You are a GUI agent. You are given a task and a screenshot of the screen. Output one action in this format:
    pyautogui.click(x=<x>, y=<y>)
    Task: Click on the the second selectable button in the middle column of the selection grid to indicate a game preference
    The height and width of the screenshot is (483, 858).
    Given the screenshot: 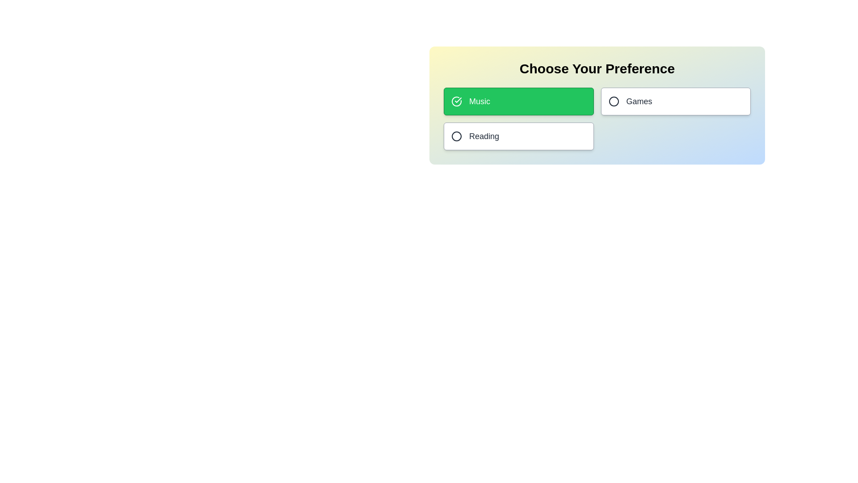 What is the action you would take?
    pyautogui.click(x=676, y=101)
    